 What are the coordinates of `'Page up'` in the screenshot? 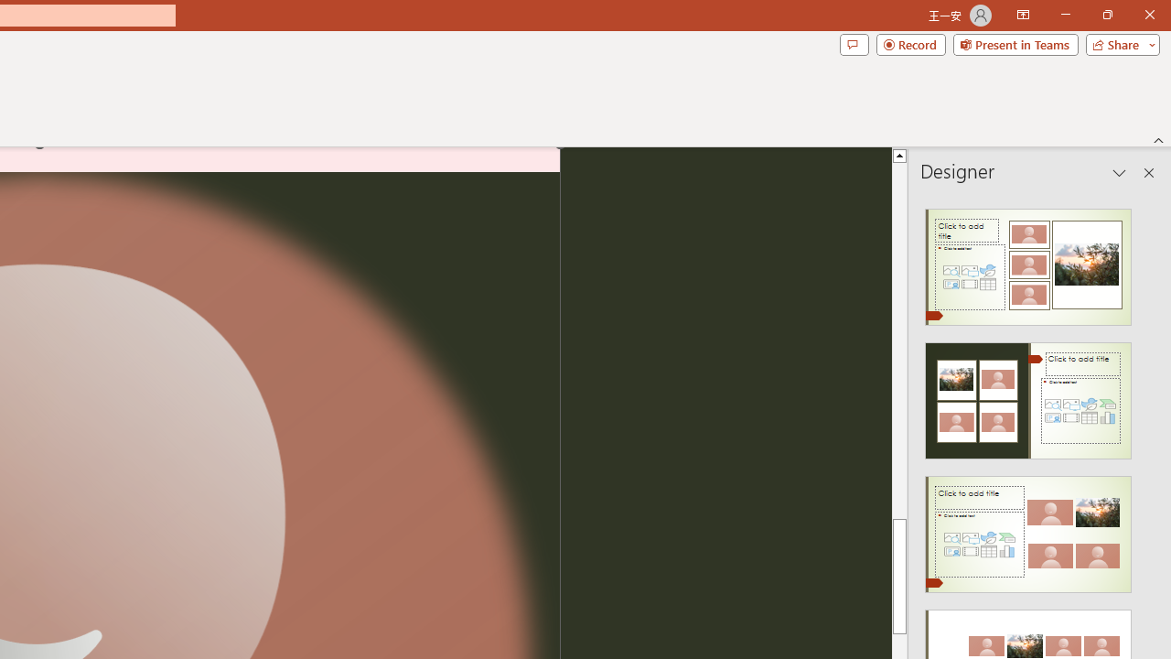 It's located at (899, 373).